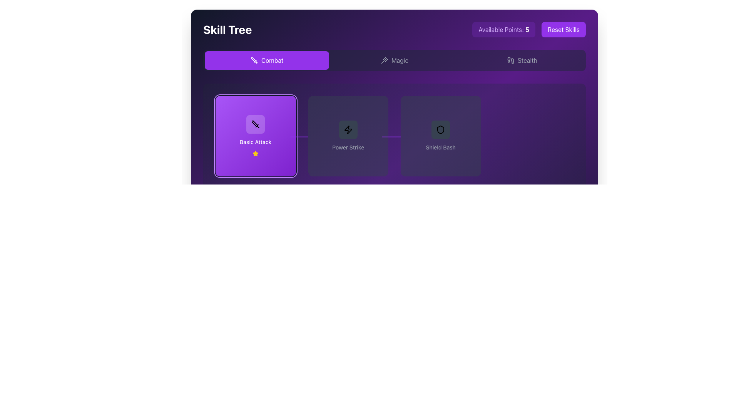 This screenshot has height=416, width=739. What do you see at coordinates (348, 136) in the screenshot?
I see `the 'Power Strike' Skill card, which is a rectangular card with a dark background featuring a lightning bolt icon above the text 'Power Strike', located in the middle of three skill cards in the combat skill section` at bounding box center [348, 136].